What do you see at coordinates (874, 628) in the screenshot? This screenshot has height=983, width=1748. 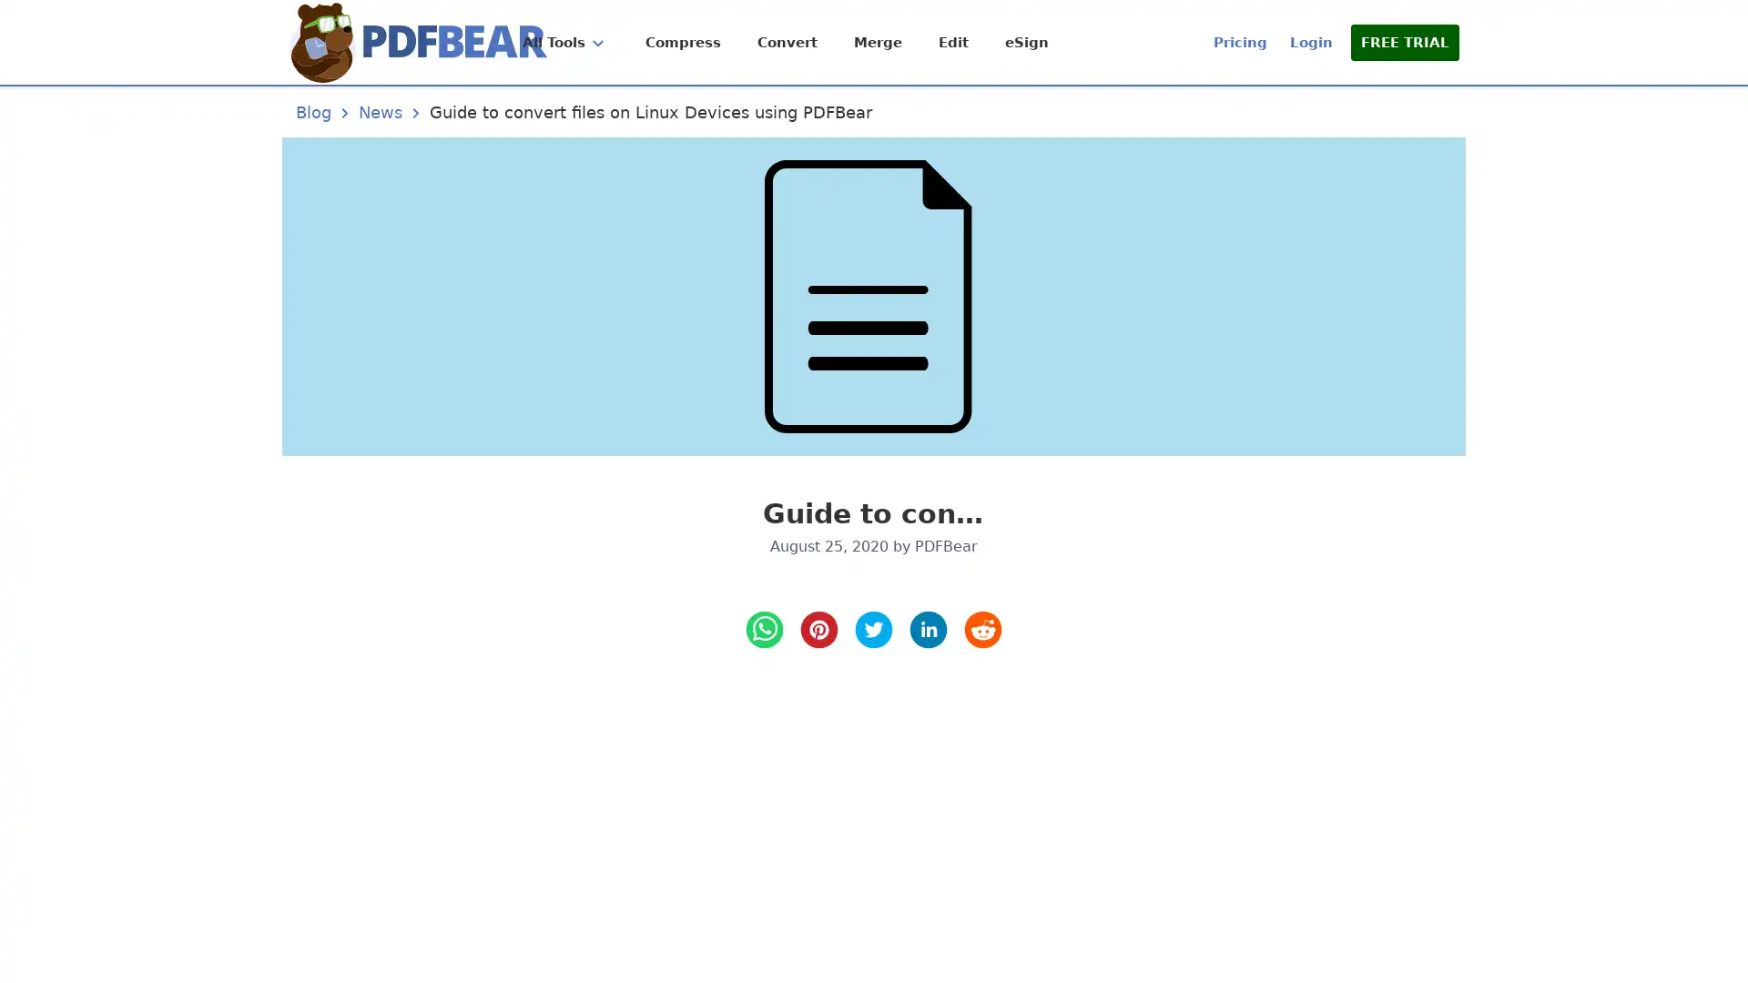 I see `Twitter` at bounding box center [874, 628].